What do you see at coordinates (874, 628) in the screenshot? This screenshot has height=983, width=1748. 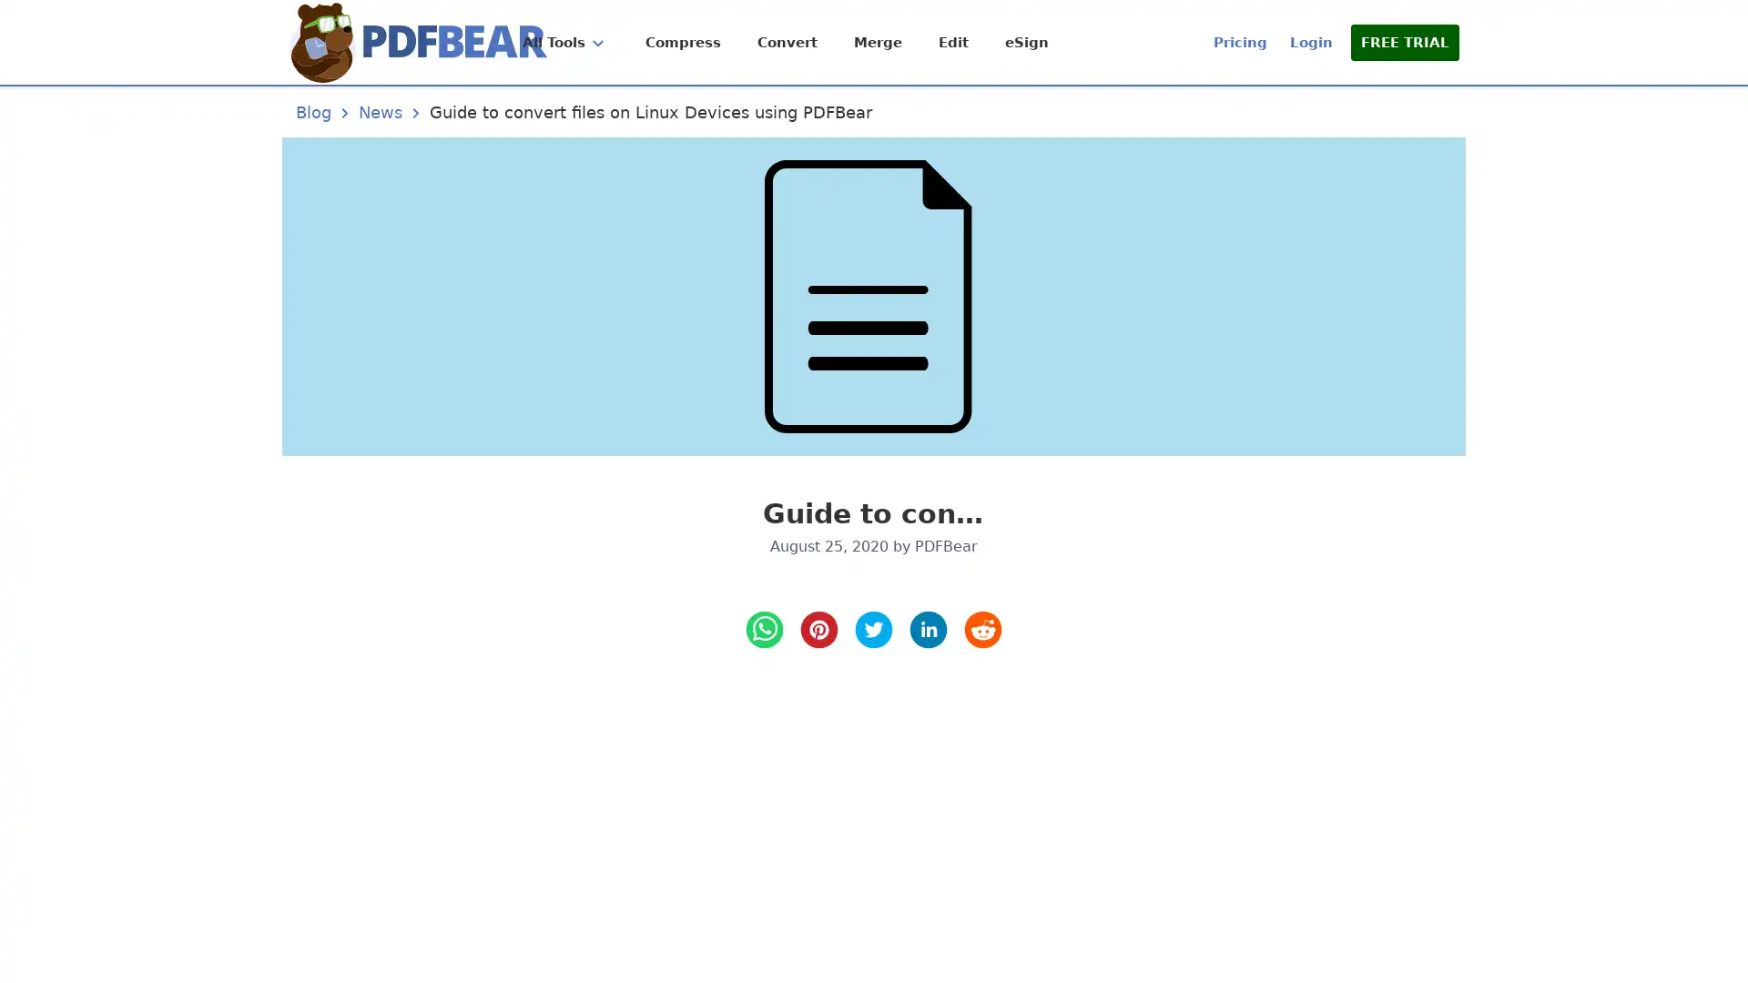 I see `Twitter` at bounding box center [874, 628].